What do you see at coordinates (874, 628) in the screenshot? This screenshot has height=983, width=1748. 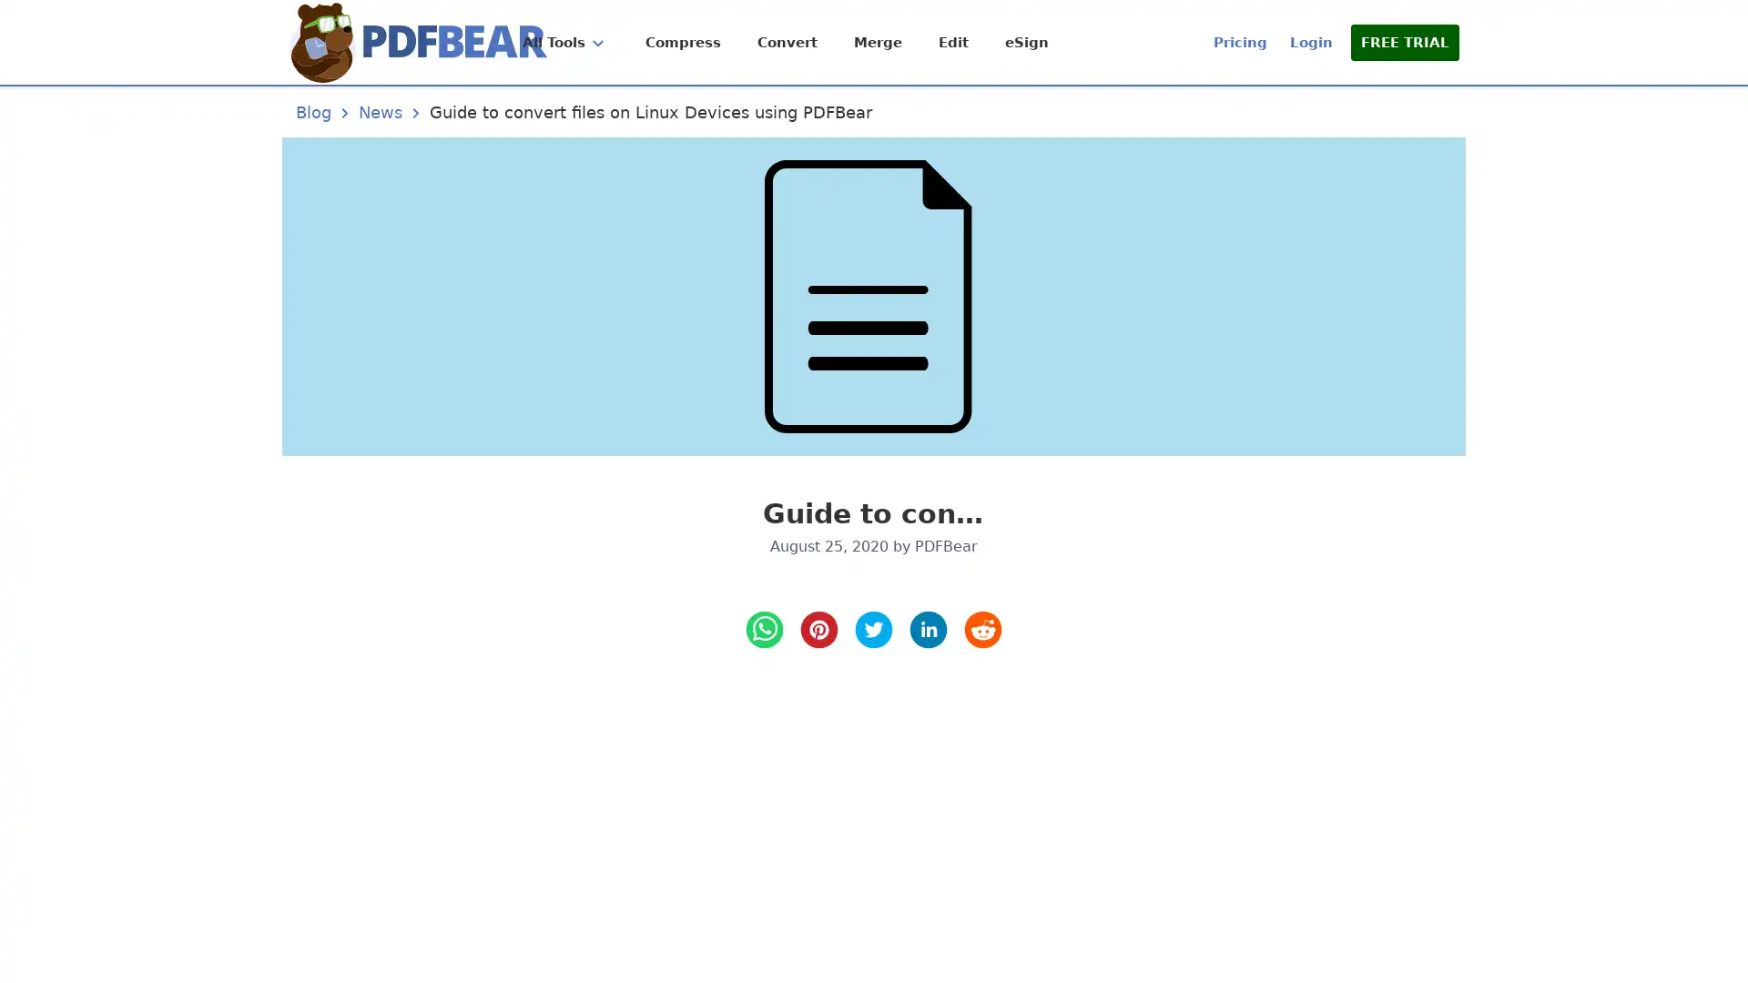 I see `Twitter` at bounding box center [874, 628].